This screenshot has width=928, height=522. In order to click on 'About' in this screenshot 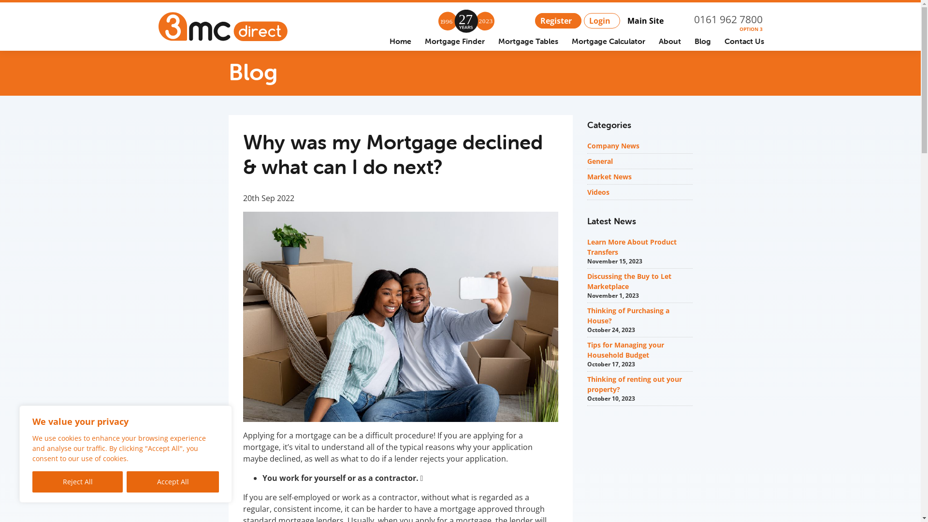, I will do `click(669, 40)`.